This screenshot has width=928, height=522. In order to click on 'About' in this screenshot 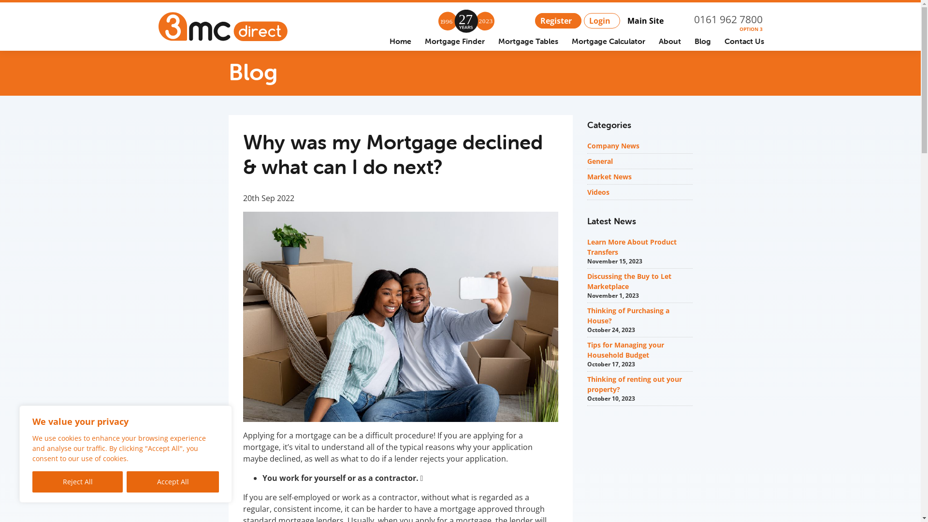, I will do `click(669, 40)`.